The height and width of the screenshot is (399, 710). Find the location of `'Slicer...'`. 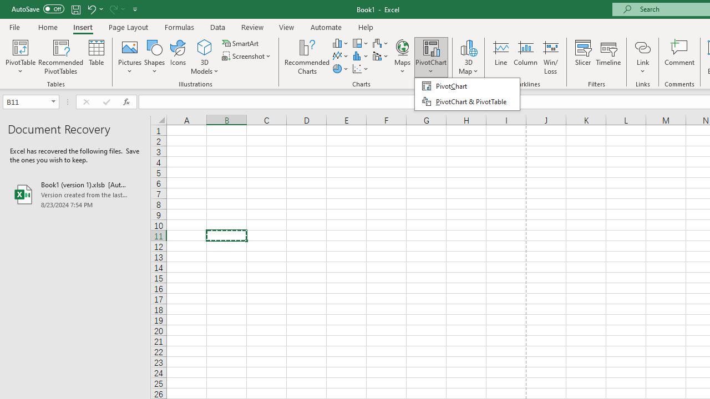

'Slicer...' is located at coordinates (582, 57).